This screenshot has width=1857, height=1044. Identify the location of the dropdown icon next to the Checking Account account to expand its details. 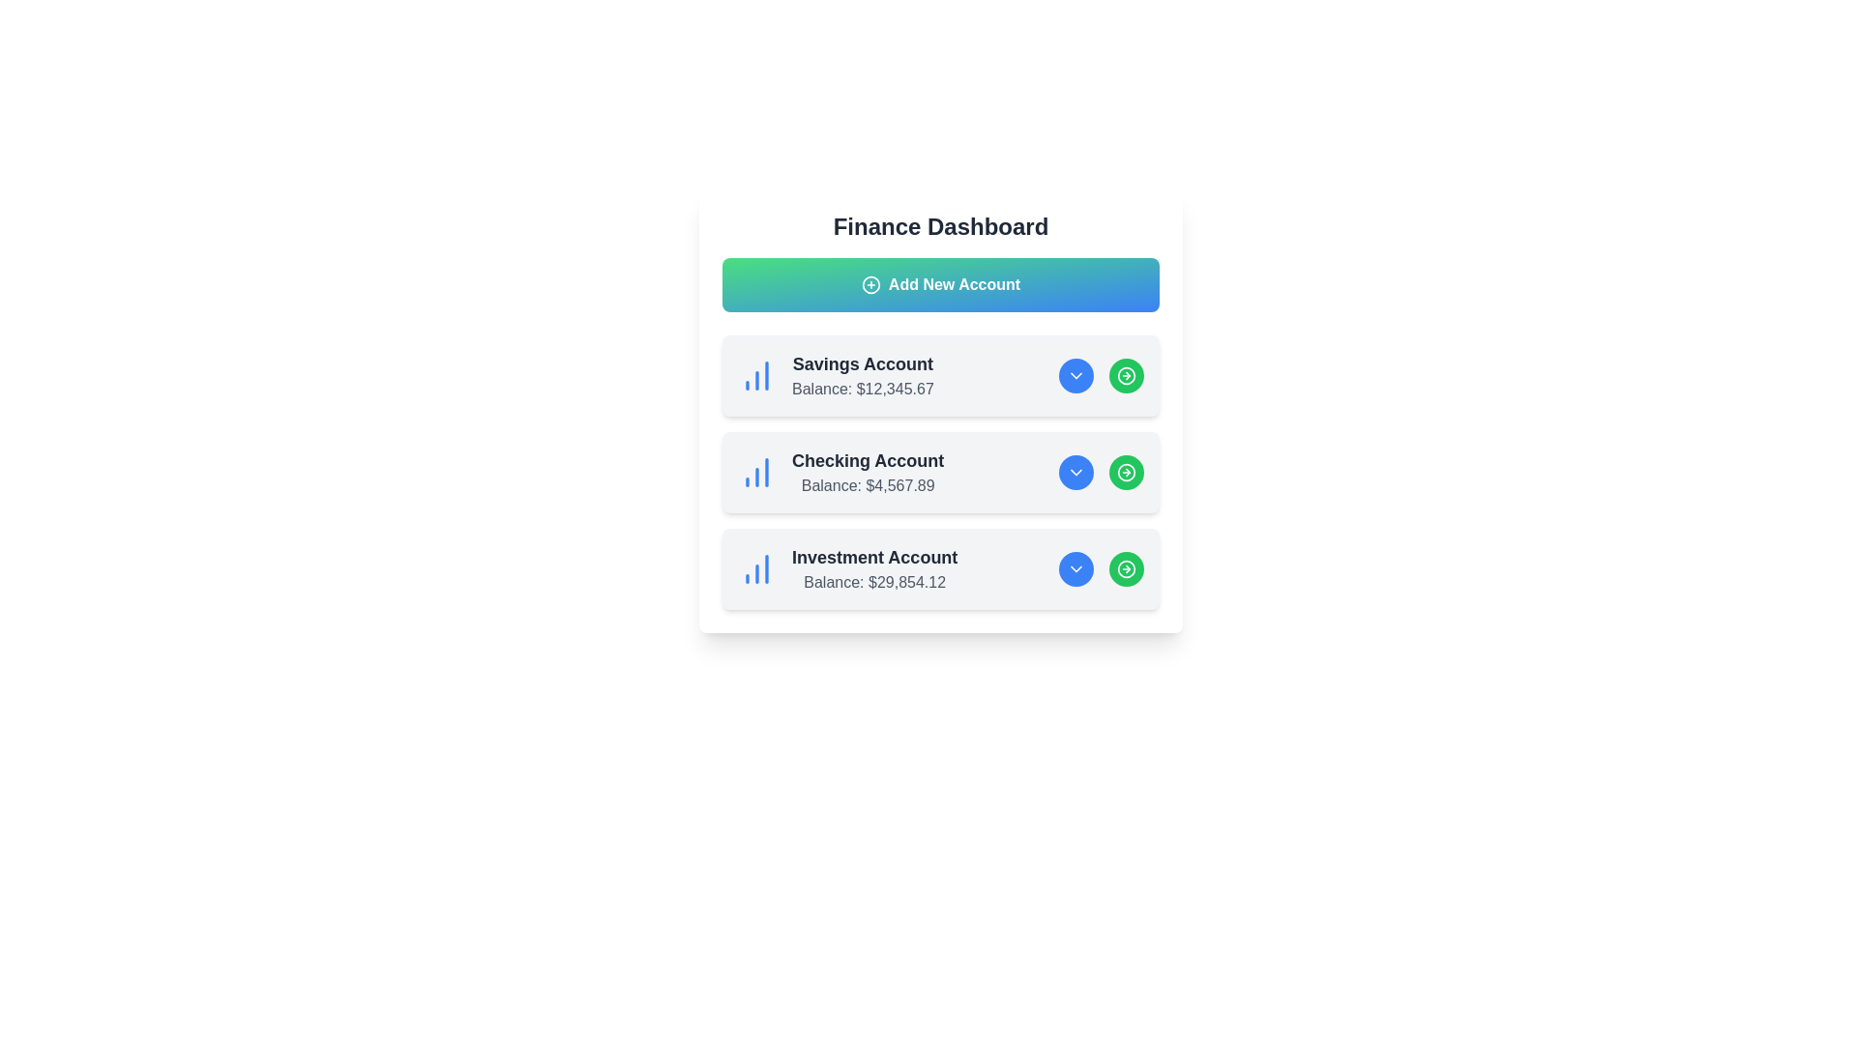
(1076, 473).